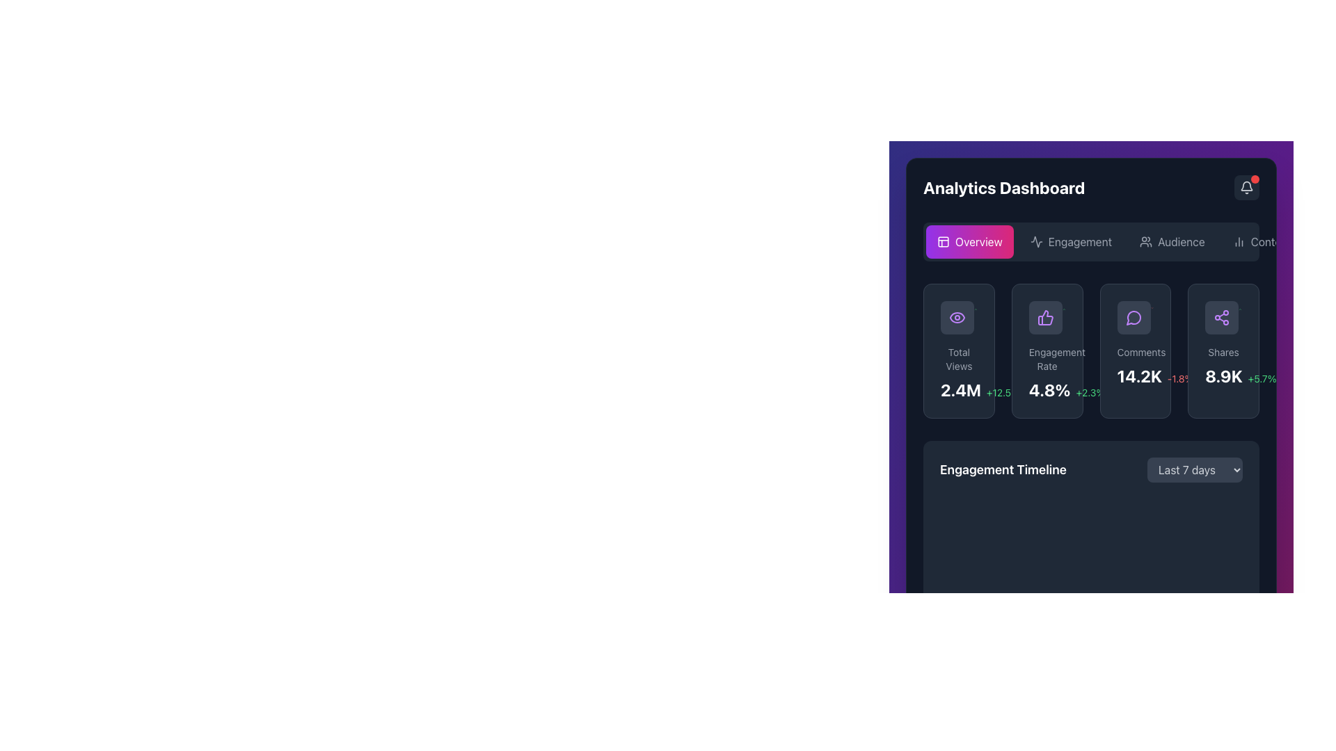 This screenshot has height=751, width=1336. Describe the element at coordinates (978, 241) in the screenshot. I see `the 'Overview' text label within the button, which is displayed in white on a gradient pink-to-purple background` at that location.